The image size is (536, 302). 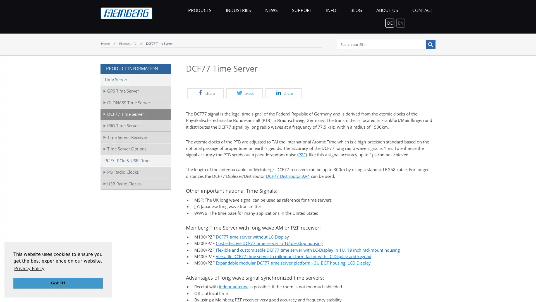 I want to click on Share on LinkedIn, so click(x=284, y=93).